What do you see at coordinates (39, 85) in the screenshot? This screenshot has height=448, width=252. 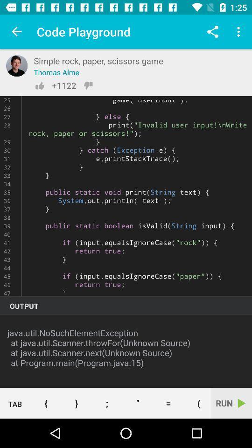 I see `like this post` at bounding box center [39, 85].